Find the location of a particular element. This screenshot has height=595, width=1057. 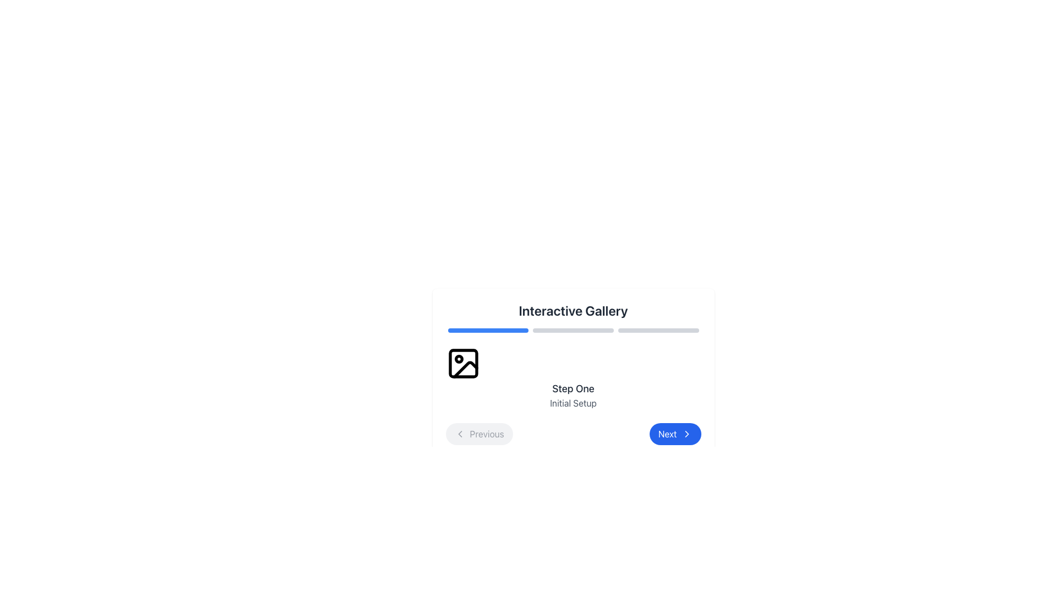

the rightmost progress segment, which is a horizontally elongated rectangle with rounded edges styled in gray, located near the top of the interface is located at coordinates (658, 330).